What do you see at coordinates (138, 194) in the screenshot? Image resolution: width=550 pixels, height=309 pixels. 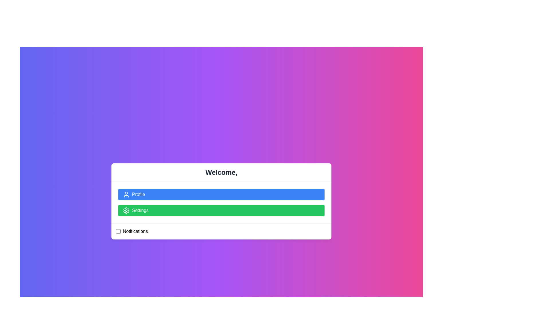 I see `the 'Profile' text label which is displayed in white font within a horizontally elongated blue button, located at the top of the options list below the 'Welcome' heading` at bounding box center [138, 194].